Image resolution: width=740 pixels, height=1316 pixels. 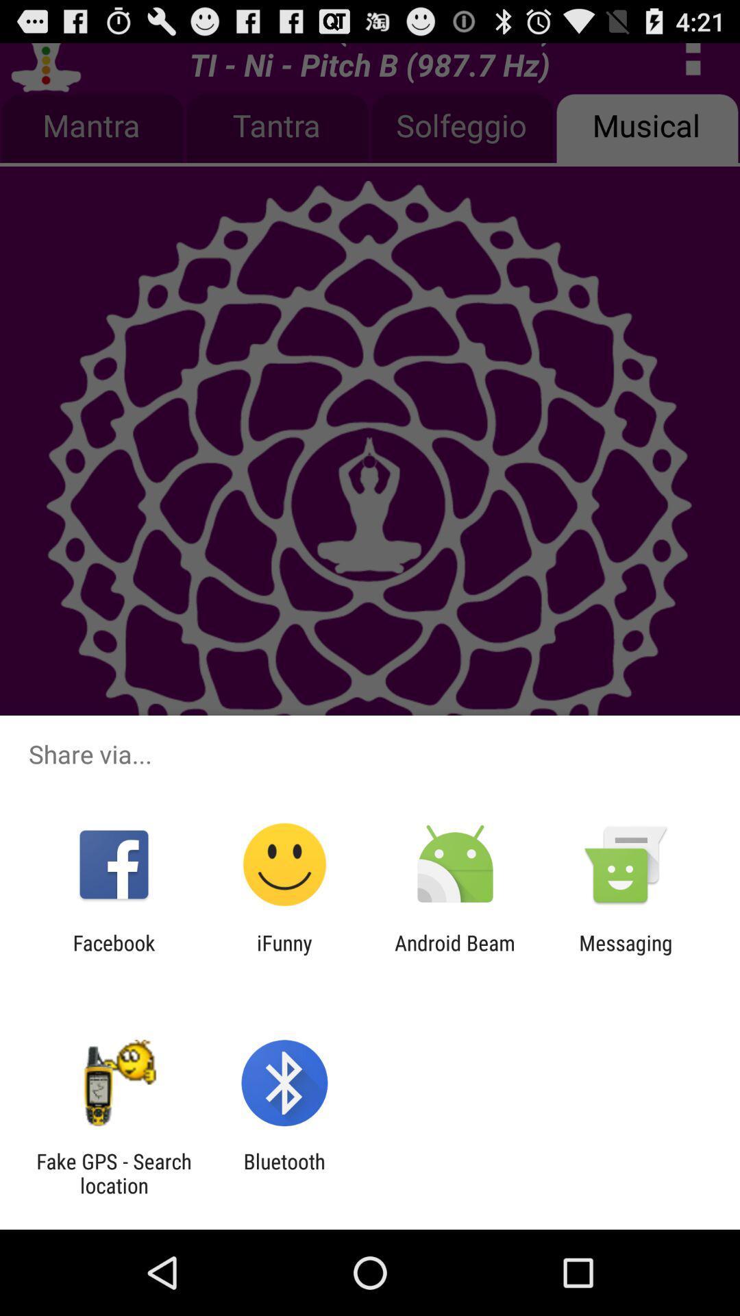 I want to click on the icon next to the bluetooth item, so click(x=113, y=1173).